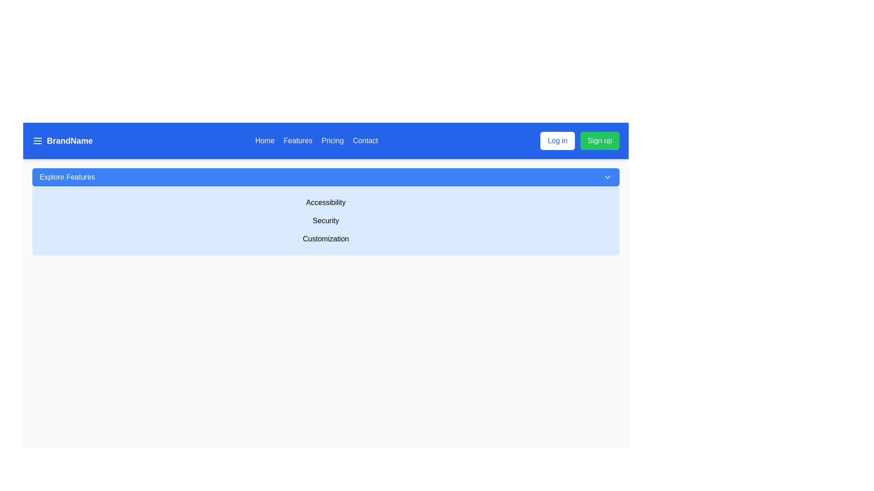  What do you see at coordinates (69, 140) in the screenshot?
I see `the label displaying 'BrandName', which is bolded, white text on a blue background located on the top bar of the interface` at bounding box center [69, 140].